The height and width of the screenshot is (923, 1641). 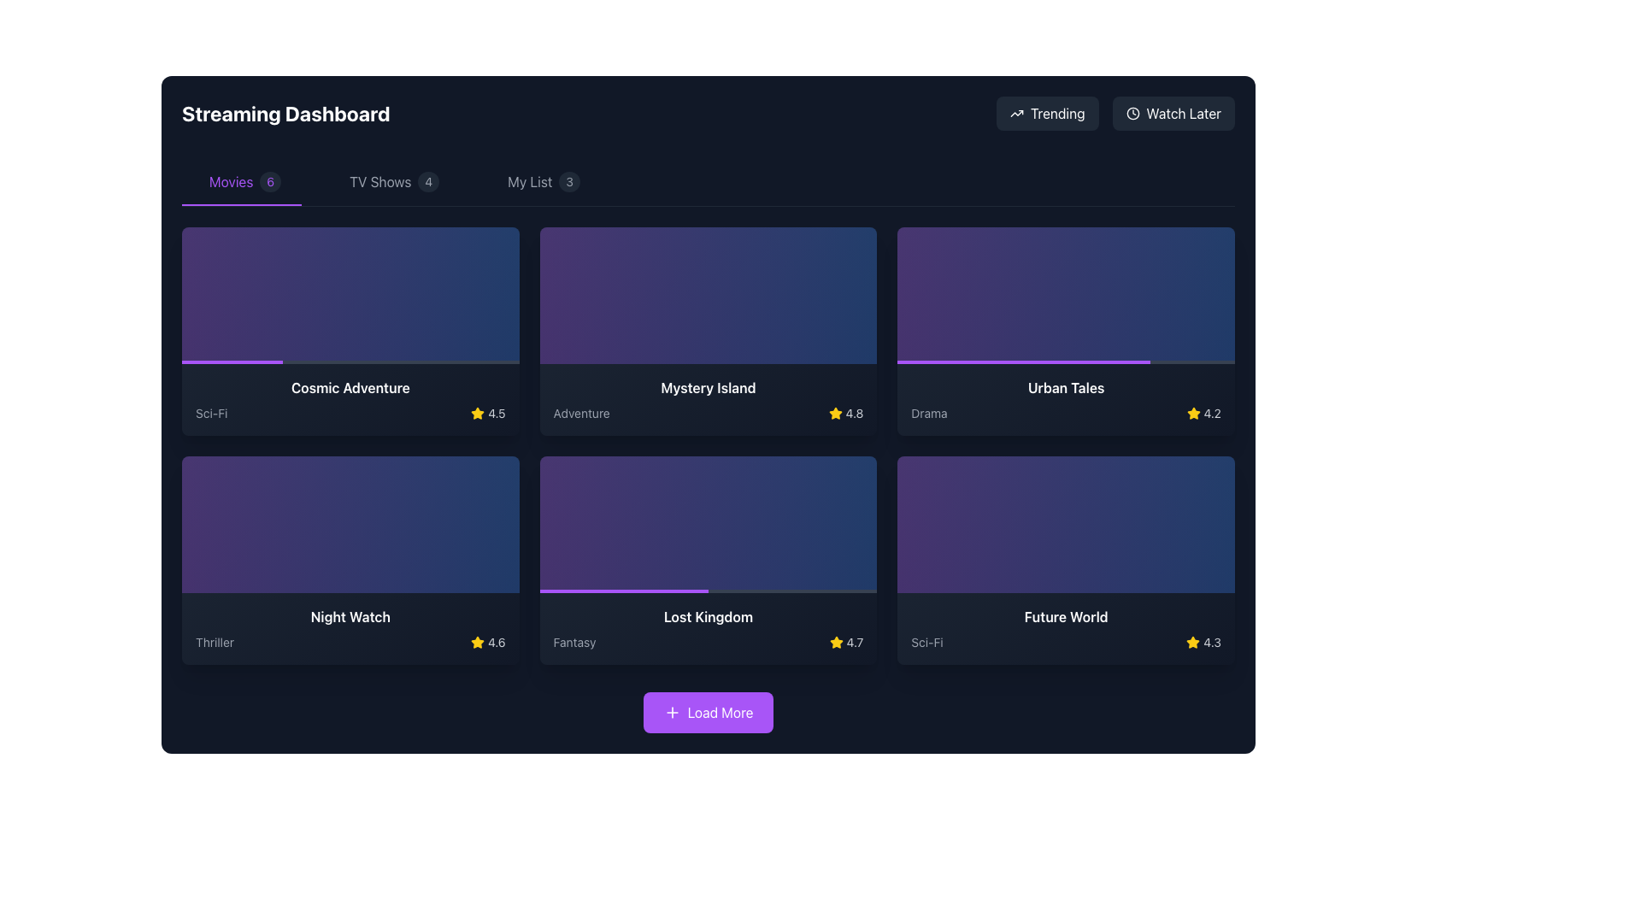 What do you see at coordinates (1203, 643) in the screenshot?
I see `the rating score displayed by the star icon and numerical value located at the bottom-right corner of the 'Future World' card, next to the 'Sci-Fi' category label` at bounding box center [1203, 643].